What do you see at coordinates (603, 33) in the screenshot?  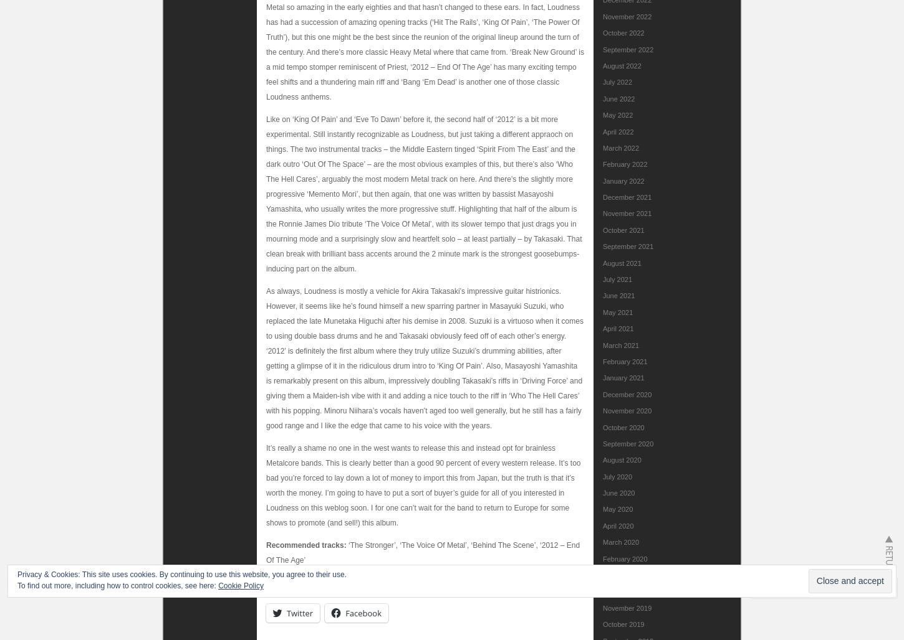 I see `'October 2022'` at bounding box center [603, 33].